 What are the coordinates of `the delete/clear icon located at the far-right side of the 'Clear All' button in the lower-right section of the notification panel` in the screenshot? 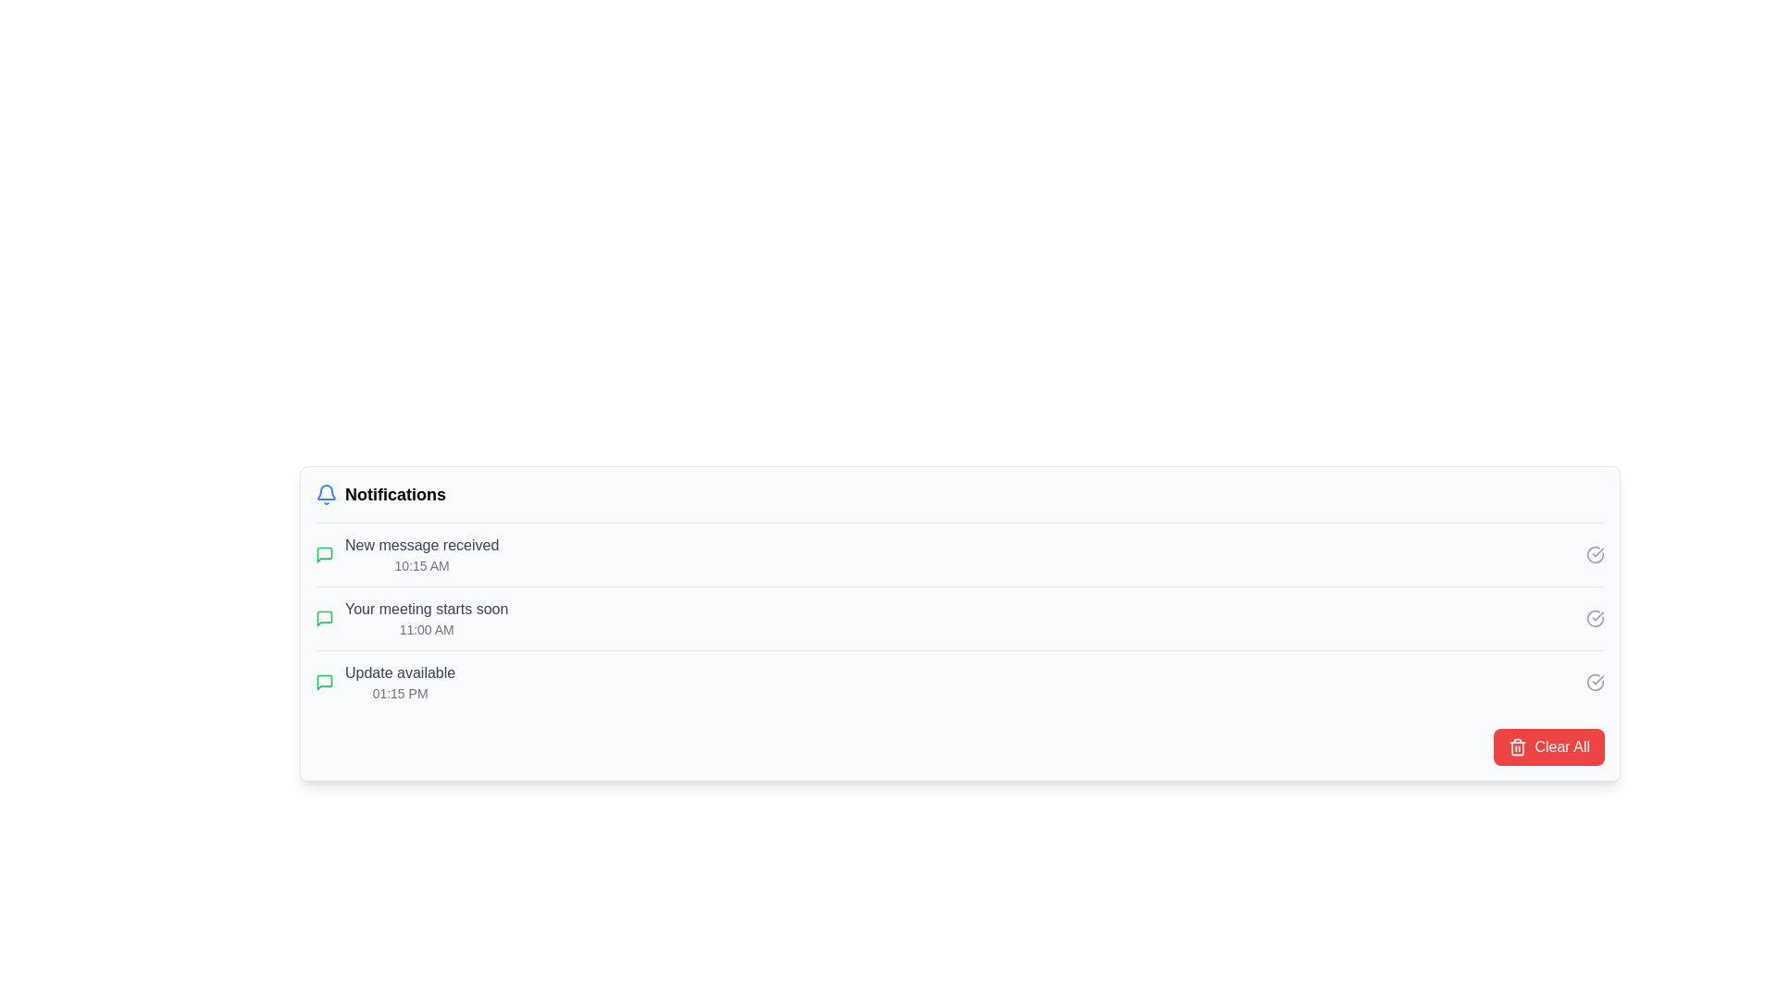 It's located at (1518, 746).